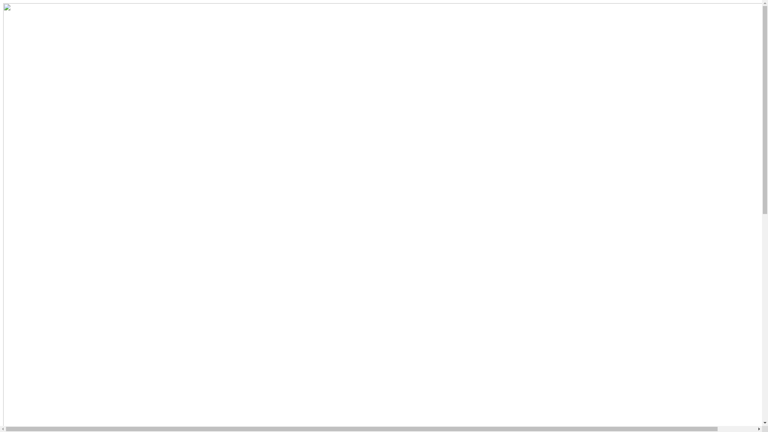 This screenshot has height=432, width=768. What do you see at coordinates (3, 3) in the screenshot?
I see `'Skip to content'` at bounding box center [3, 3].